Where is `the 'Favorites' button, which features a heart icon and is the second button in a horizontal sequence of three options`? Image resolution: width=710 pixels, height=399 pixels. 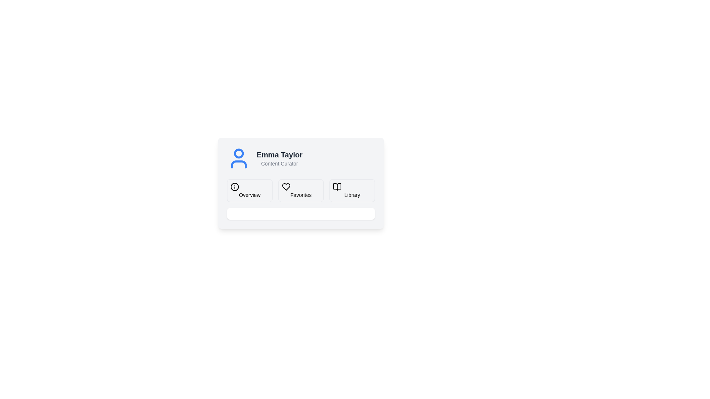
the 'Favorites' button, which features a heart icon and is the second button in a horizontal sequence of three options is located at coordinates (301, 190).